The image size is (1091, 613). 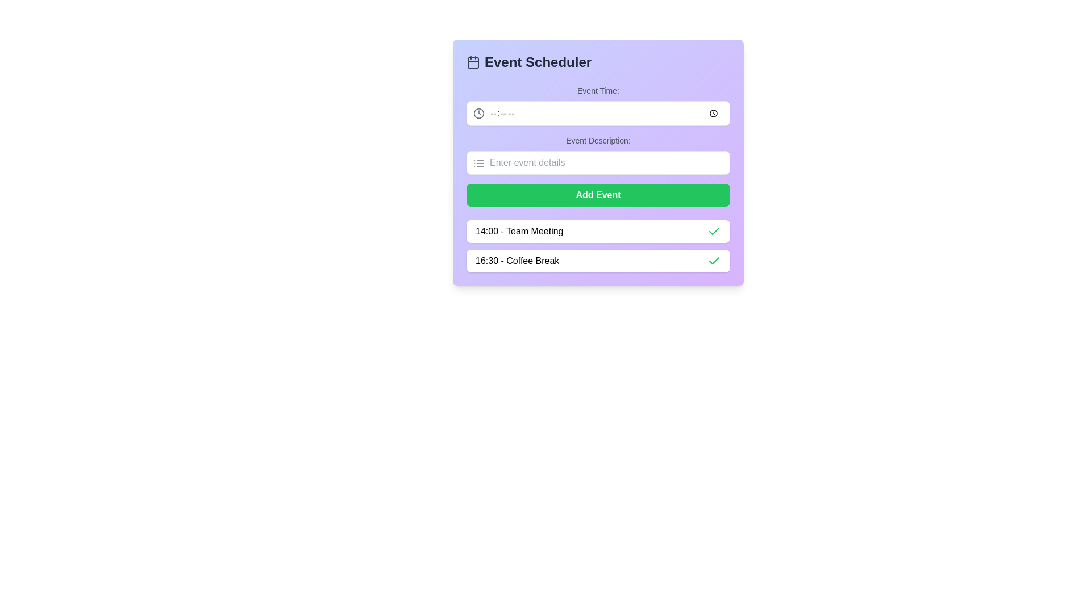 I want to click on the static text label displaying '14:00 - Team Meeting' within the first event entry under the 'Event Scheduler' section, located below the 'Add Event' button, so click(x=519, y=231).